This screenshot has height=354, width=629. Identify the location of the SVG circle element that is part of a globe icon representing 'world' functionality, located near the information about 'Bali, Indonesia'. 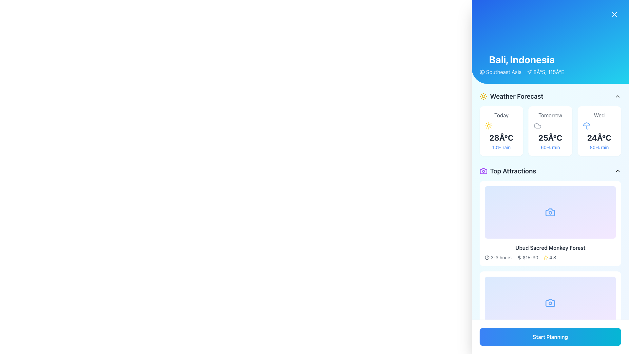
(482, 72).